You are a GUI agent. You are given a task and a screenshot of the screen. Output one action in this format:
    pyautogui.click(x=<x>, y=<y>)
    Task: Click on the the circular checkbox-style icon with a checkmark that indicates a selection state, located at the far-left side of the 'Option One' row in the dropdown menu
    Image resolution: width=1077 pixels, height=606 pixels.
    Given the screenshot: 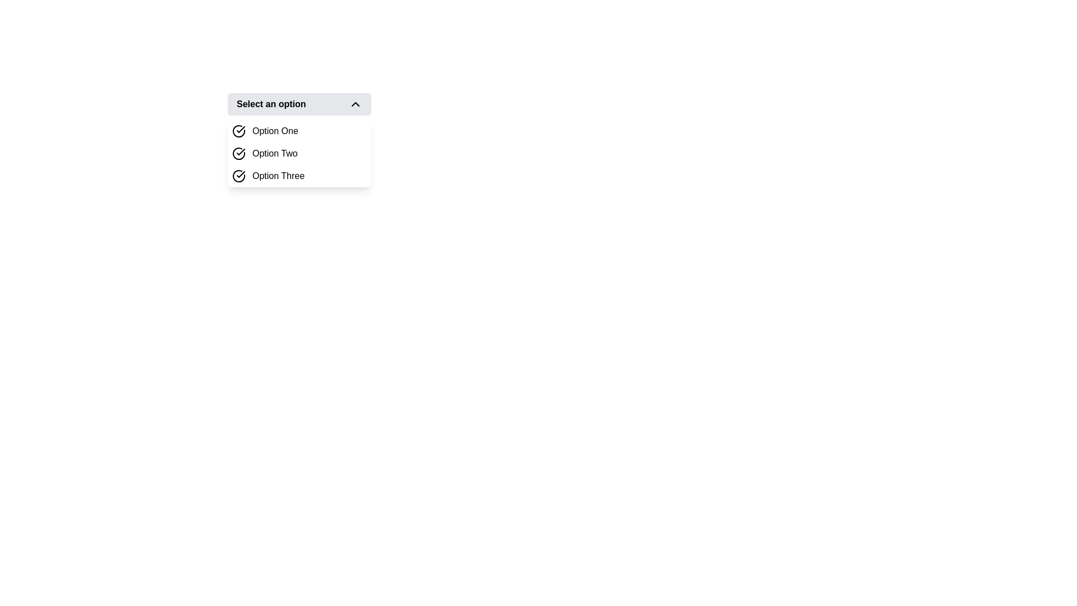 What is the action you would take?
    pyautogui.click(x=238, y=131)
    